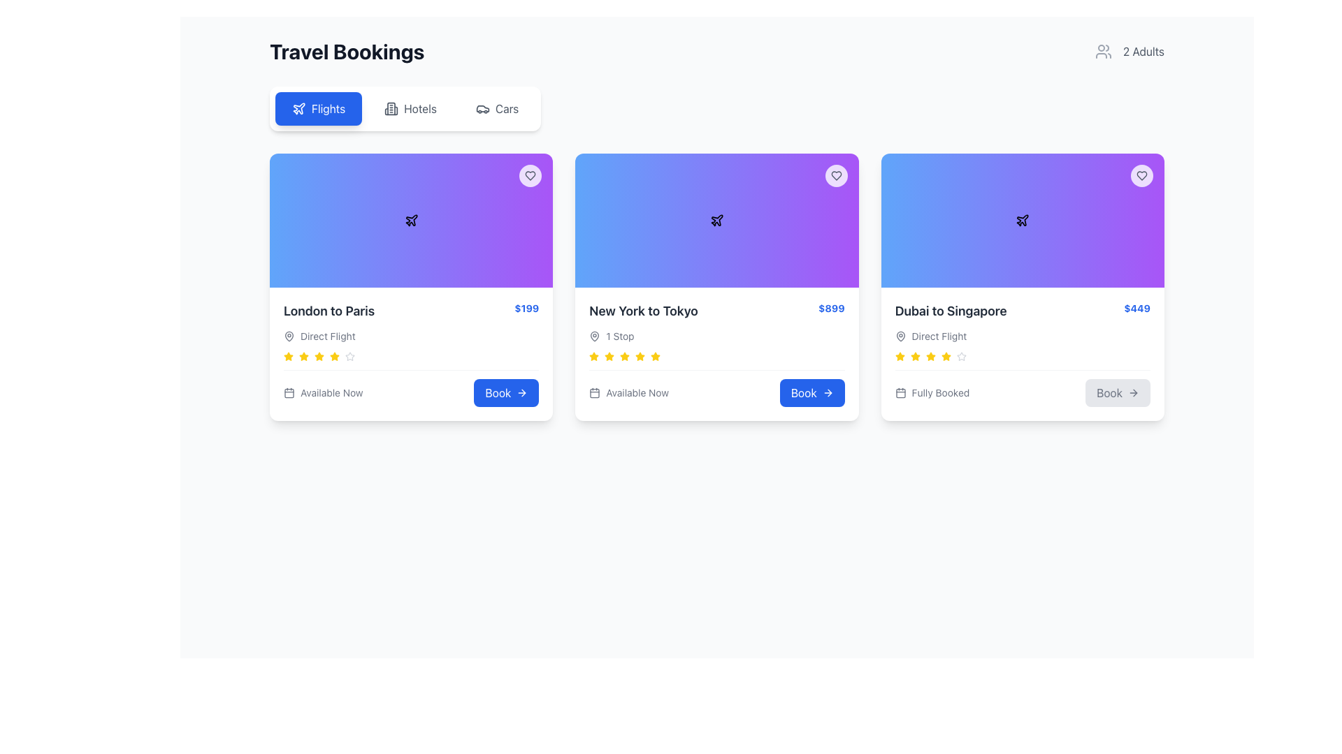  What do you see at coordinates (1117, 393) in the screenshot?
I see `the inactive 'Book' button with a light gray background and rounded edges located at the bottom-right of the 'Dubai to Singapore' card` at bounding box center [1117, 393].